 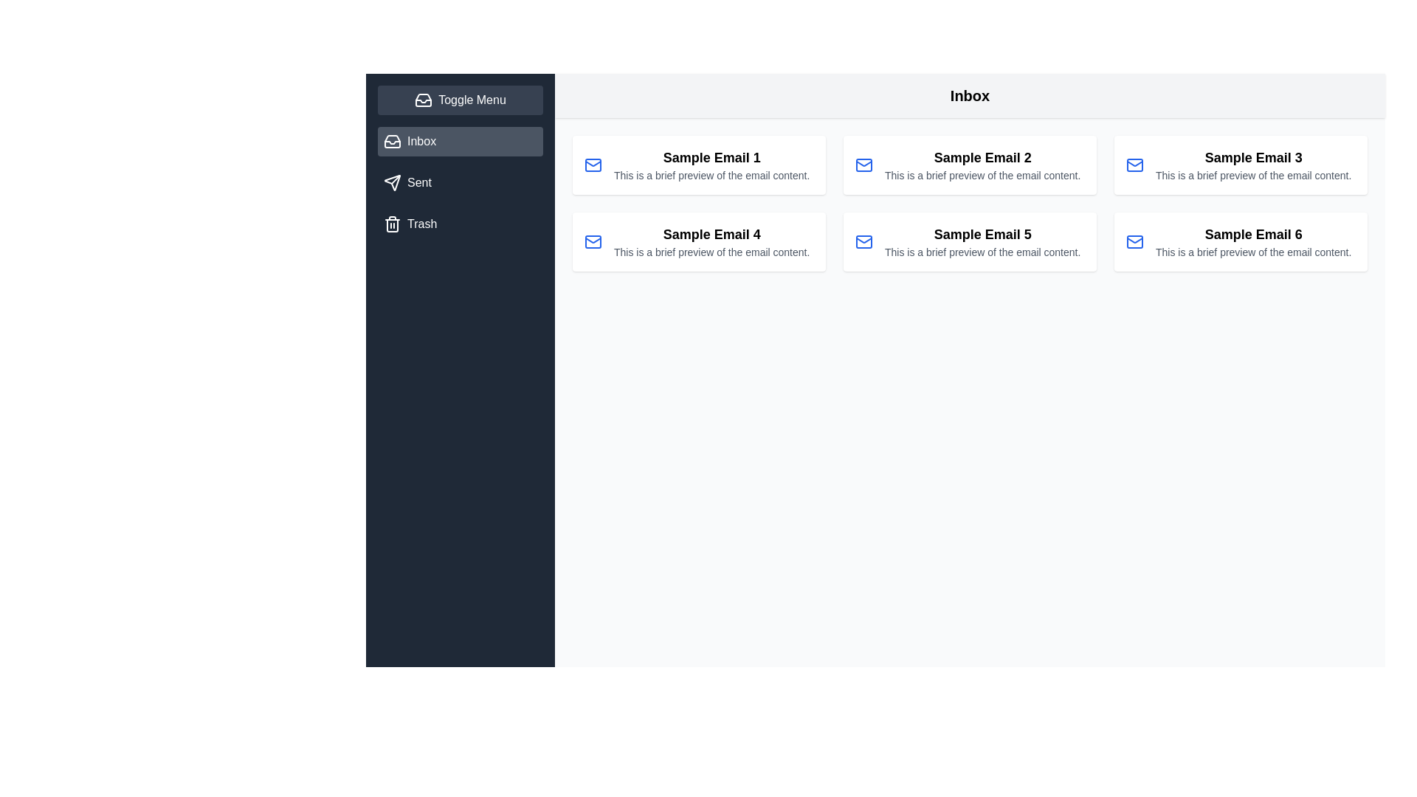 I want to click on the email icon representing 'Sample Email 2' located in the upper second row of the email grid layout, so click(x=864, y=165).